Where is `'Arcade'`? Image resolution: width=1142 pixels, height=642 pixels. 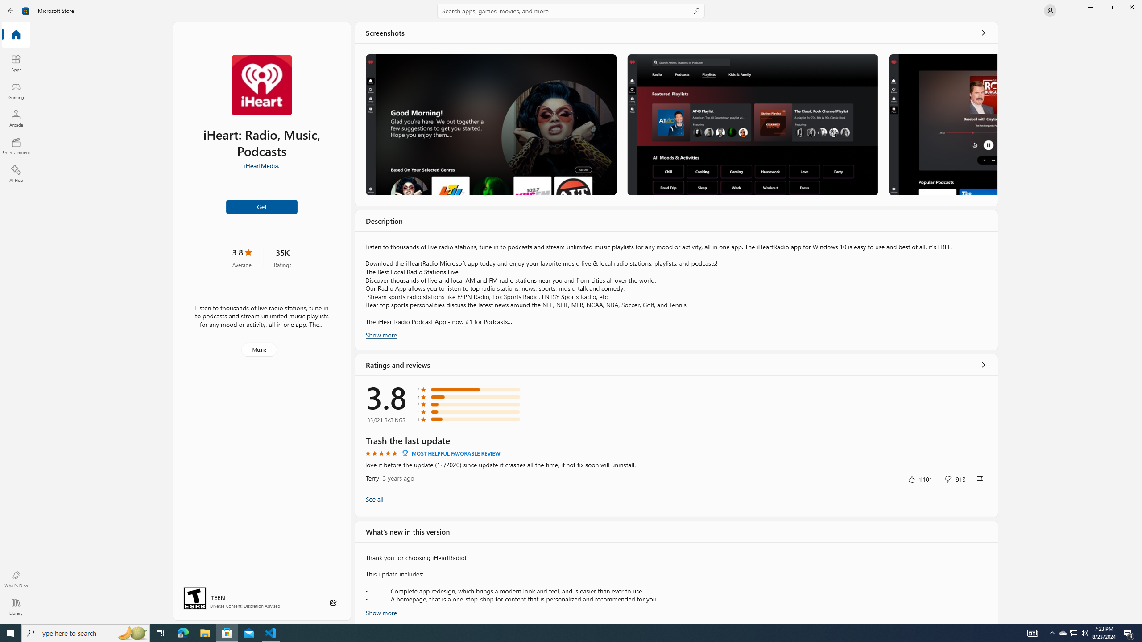 'Arcade' is located at coordinates (15, 118).